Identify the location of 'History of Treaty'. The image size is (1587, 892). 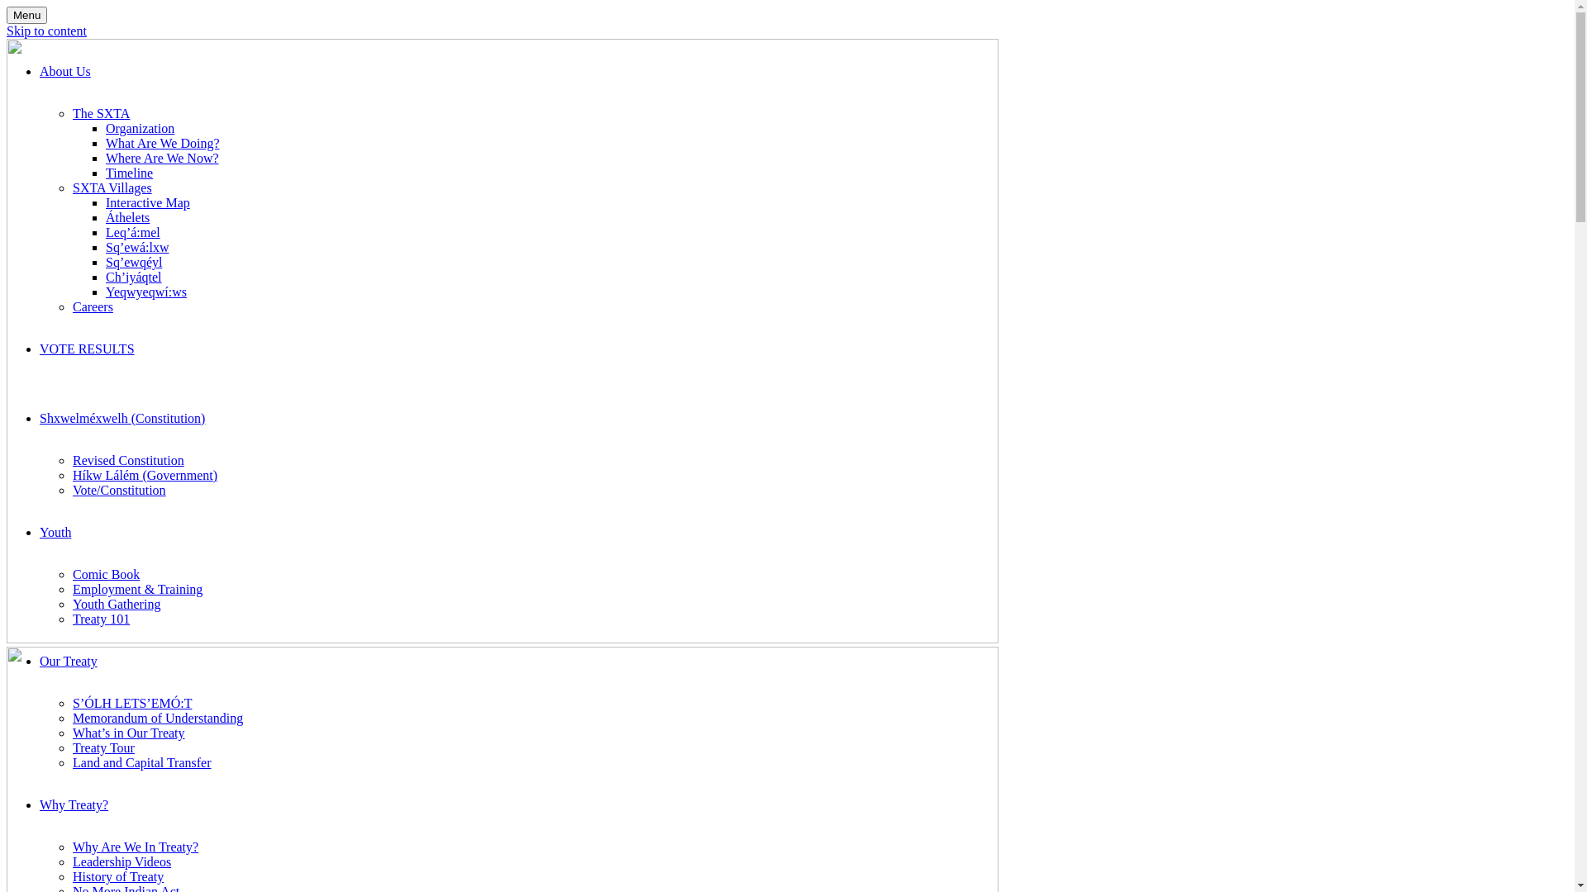
(117, 875).